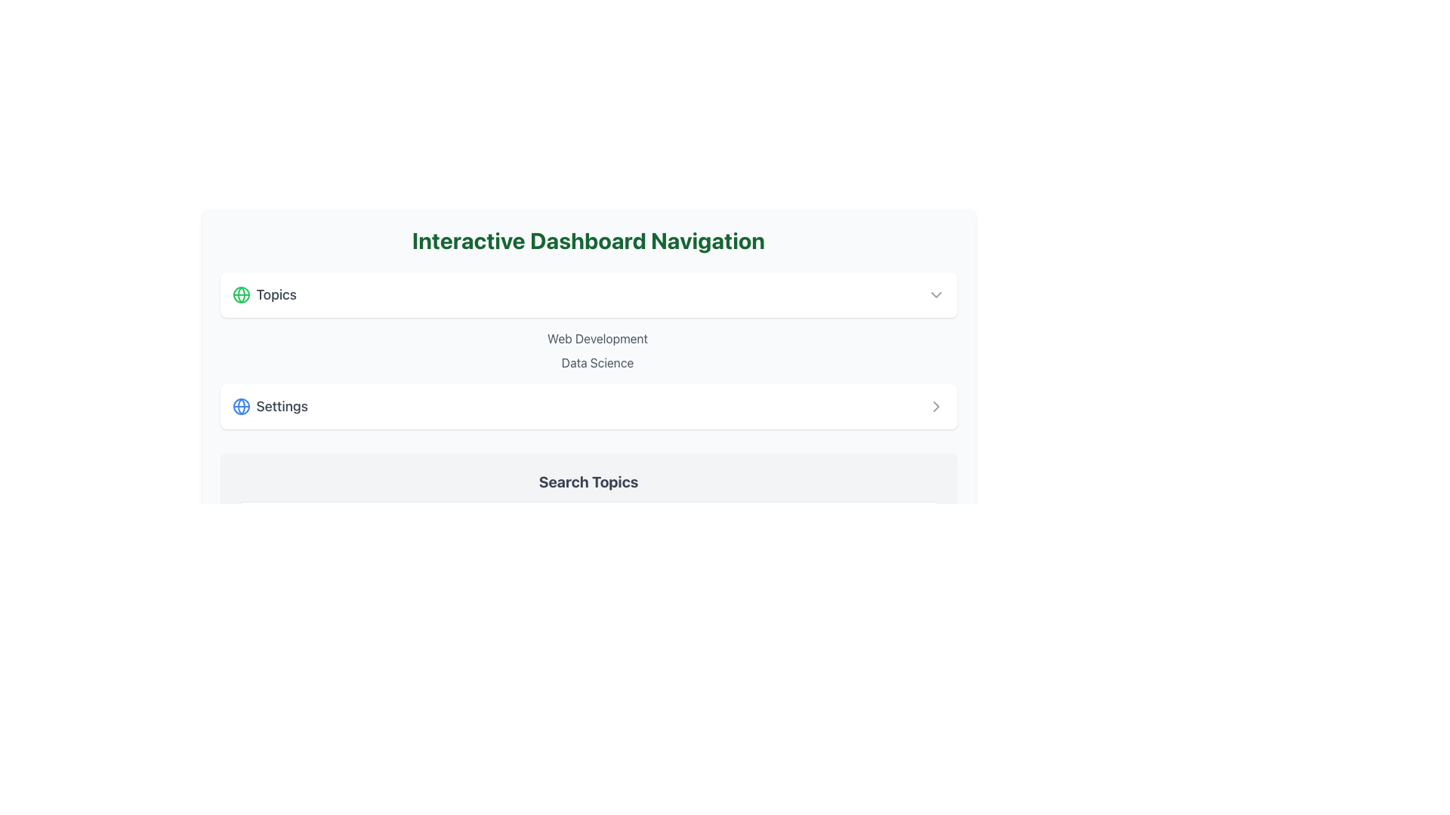  What do you see at coordinates (240, 406) in the screenshot?
I see `the 'Settings' icon located in the navigation menu` at bounding box center [240, 406].